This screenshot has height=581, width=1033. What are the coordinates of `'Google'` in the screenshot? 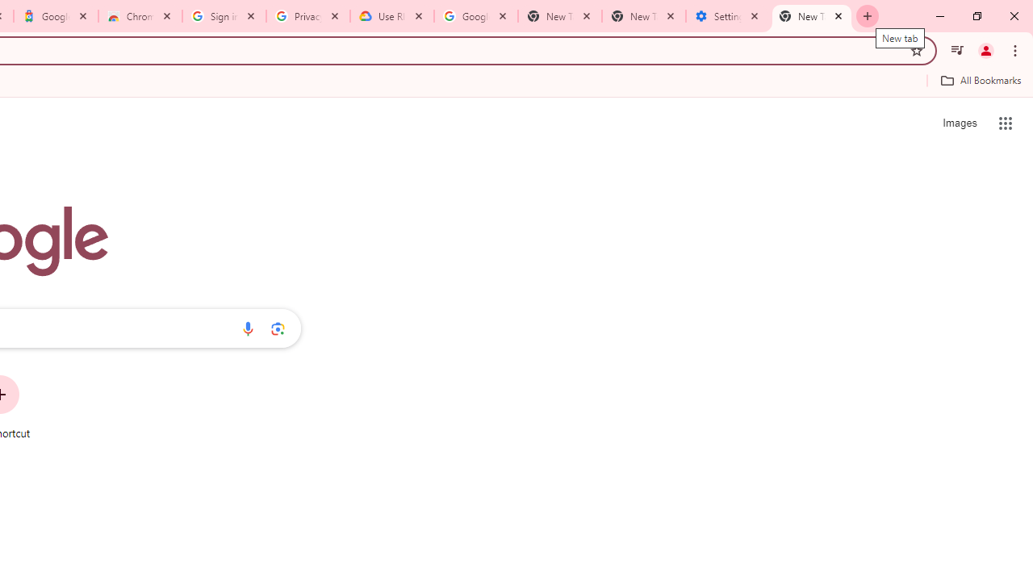 It's located at (56, 16).